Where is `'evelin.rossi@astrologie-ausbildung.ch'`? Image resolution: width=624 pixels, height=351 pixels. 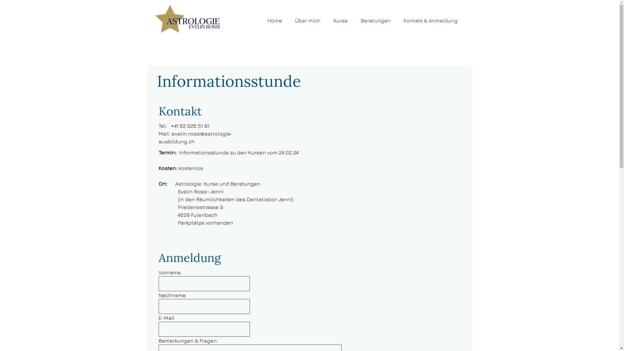 'evelin.rossi@astrologie-ausbildung.ch' is located at coordinates (159, 137).